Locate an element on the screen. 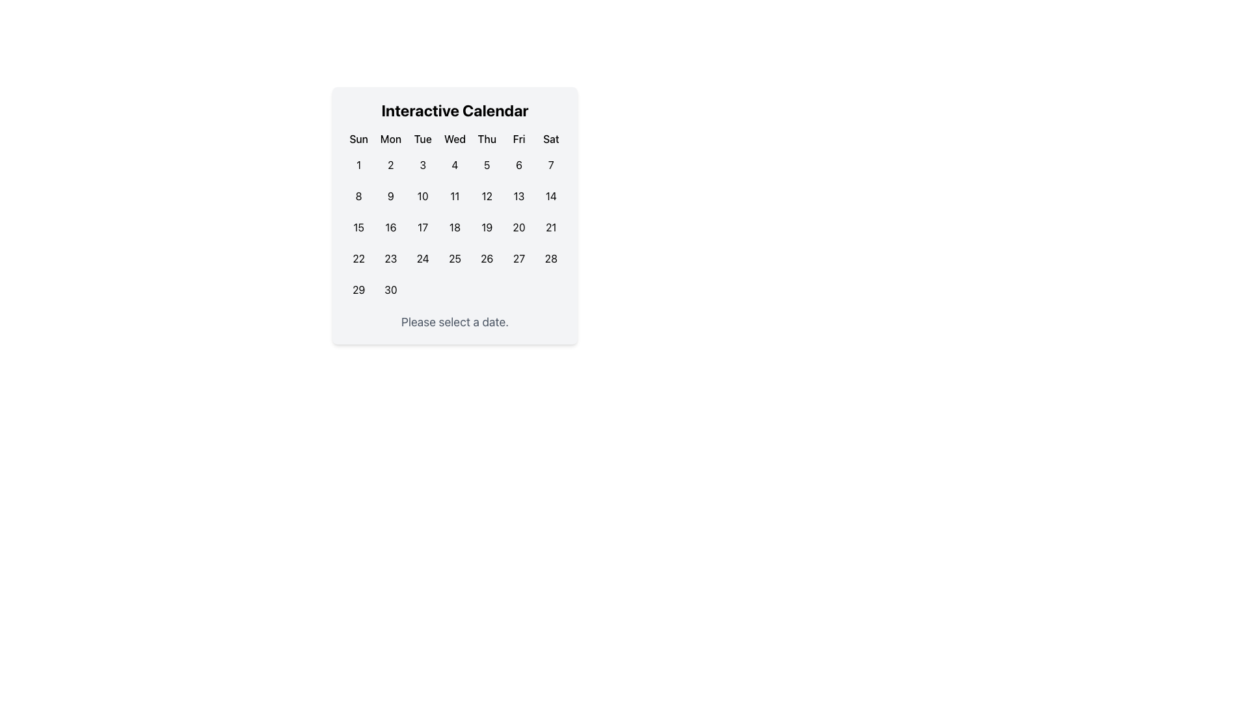 The image size is (1249, 702). the button representing the date '30' in the interactive calendar is located at coordinates (390, 289).